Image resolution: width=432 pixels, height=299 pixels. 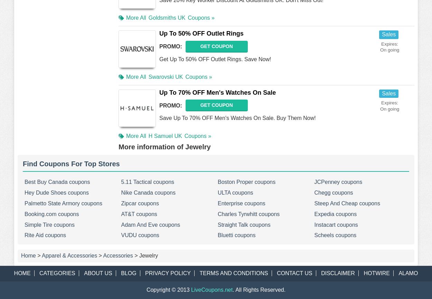 What do you see at coordinates (24, 192) in the screenshot?
I see `'Hey Dude Shoes coupons'` at bounding box center [24, 192].